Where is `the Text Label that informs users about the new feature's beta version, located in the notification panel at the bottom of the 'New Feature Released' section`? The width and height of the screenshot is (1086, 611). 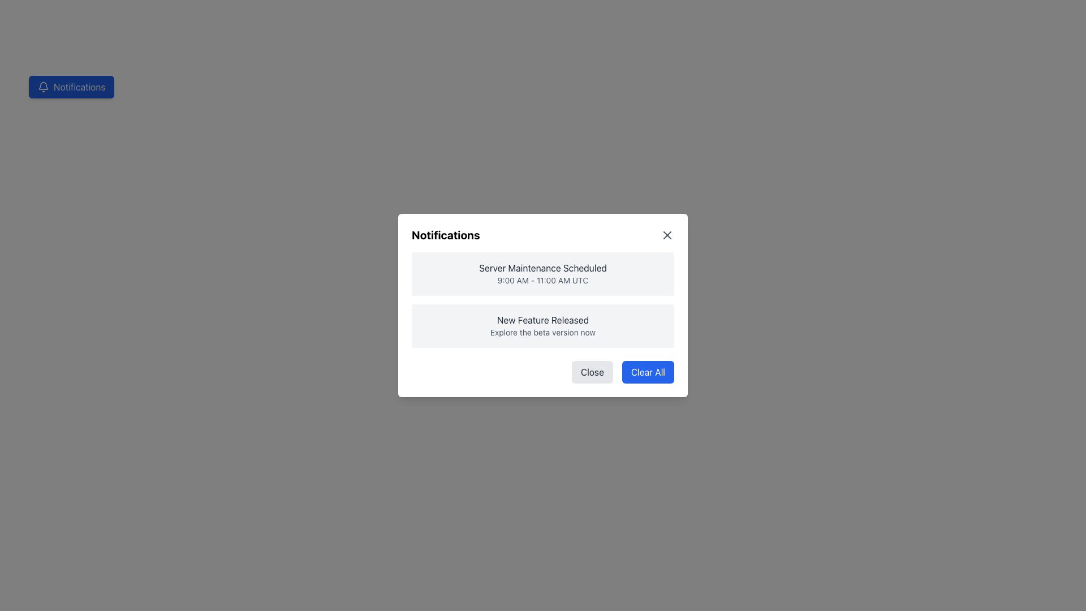 the Text Label that informs users about the new feature's beta version, located in the notification panel at the bottom of the 'New Feature Released' section is located at coordinates (543, 332).